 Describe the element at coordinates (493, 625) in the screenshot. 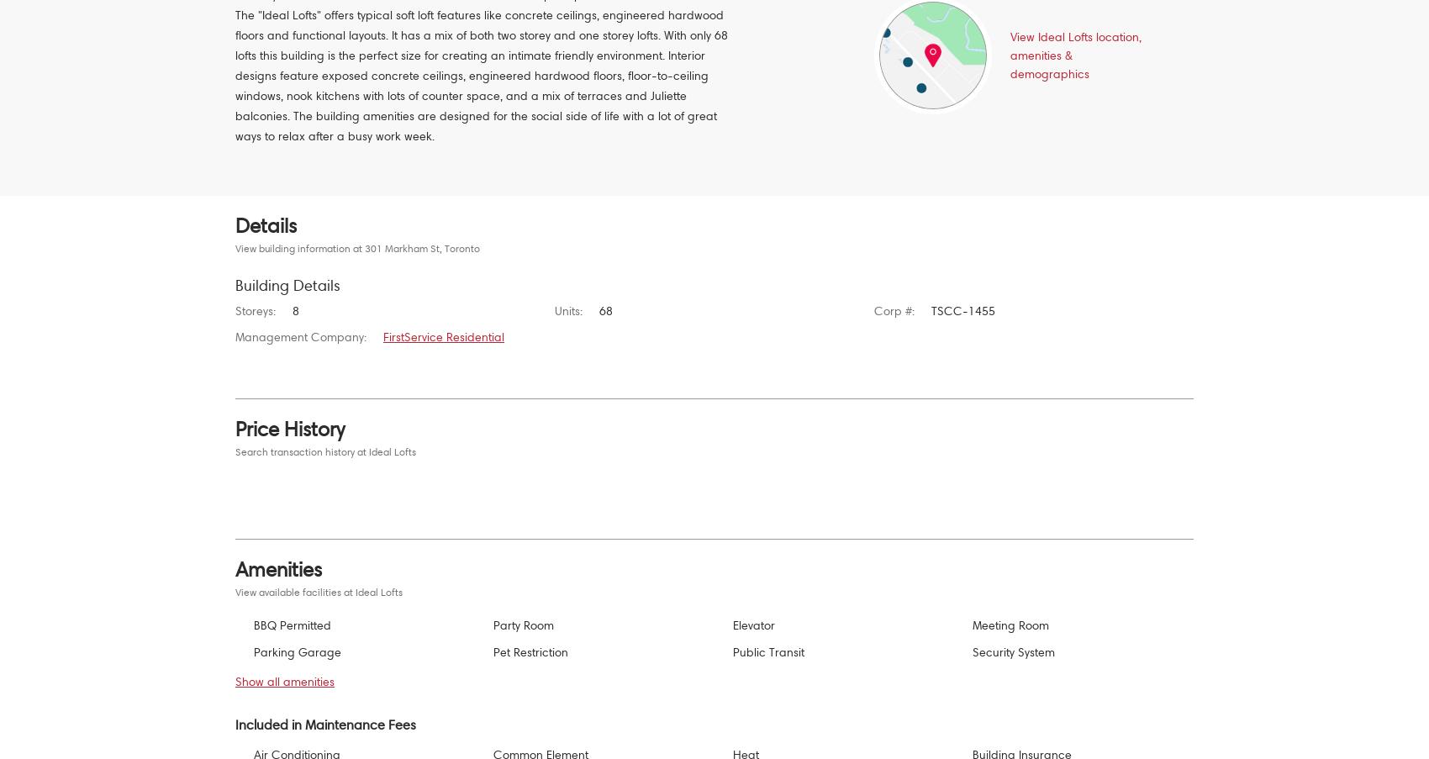

I see `'Party Room'` at that location.